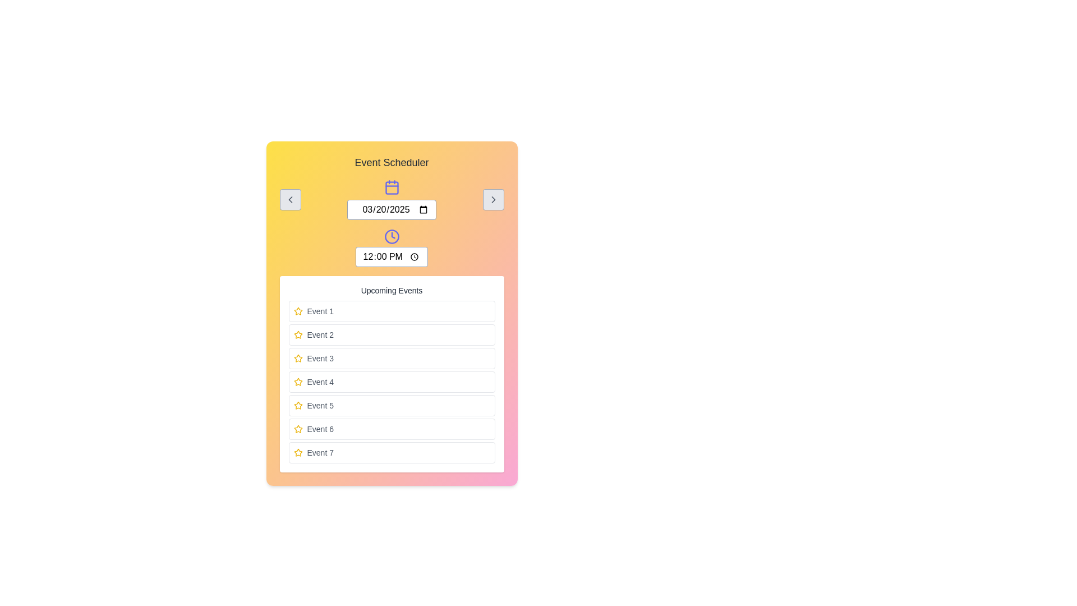  I want to click on the star icon, so click(298, 358).